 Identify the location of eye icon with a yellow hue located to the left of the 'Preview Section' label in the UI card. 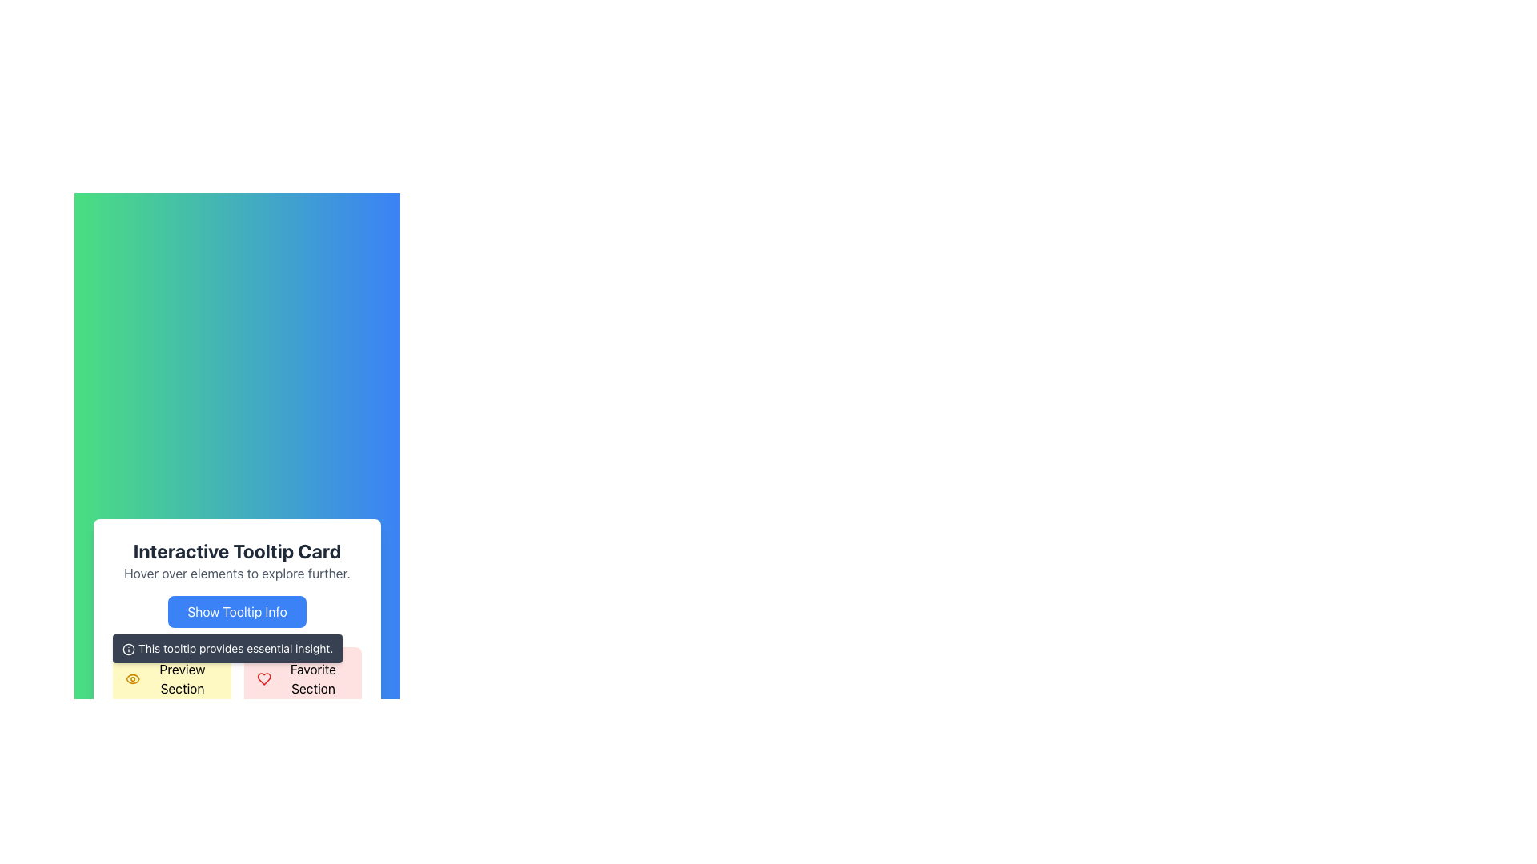
(133, 678).